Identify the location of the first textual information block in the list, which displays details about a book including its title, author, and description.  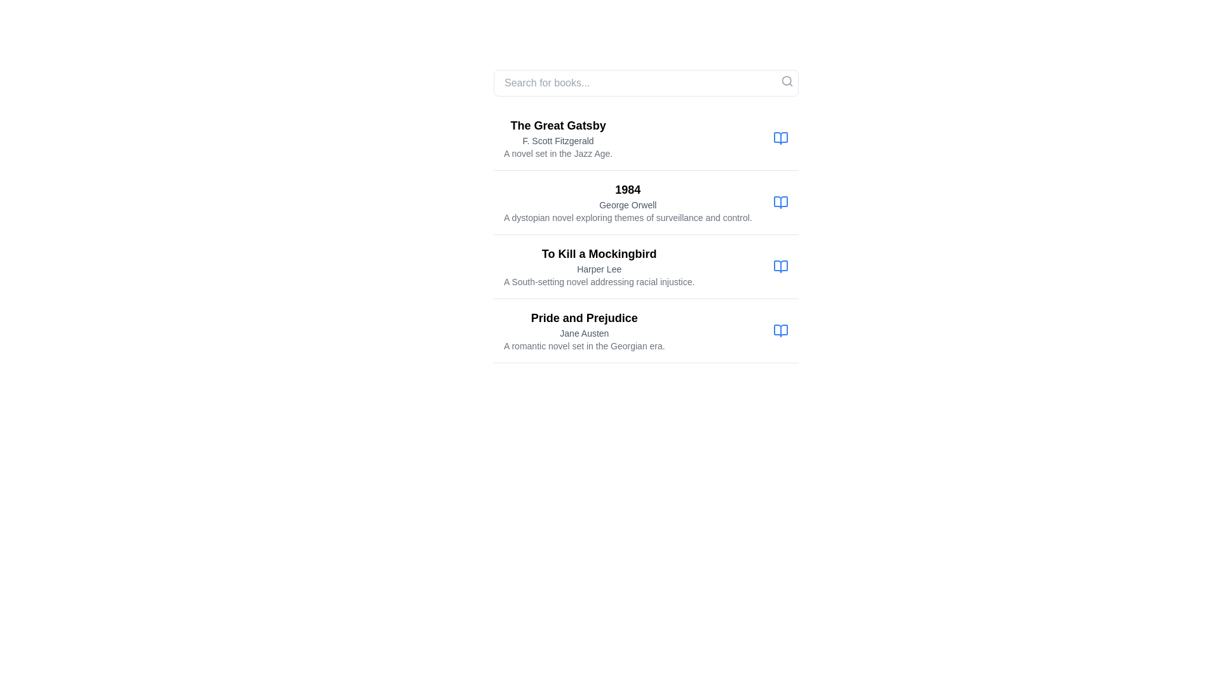
(646, 138).